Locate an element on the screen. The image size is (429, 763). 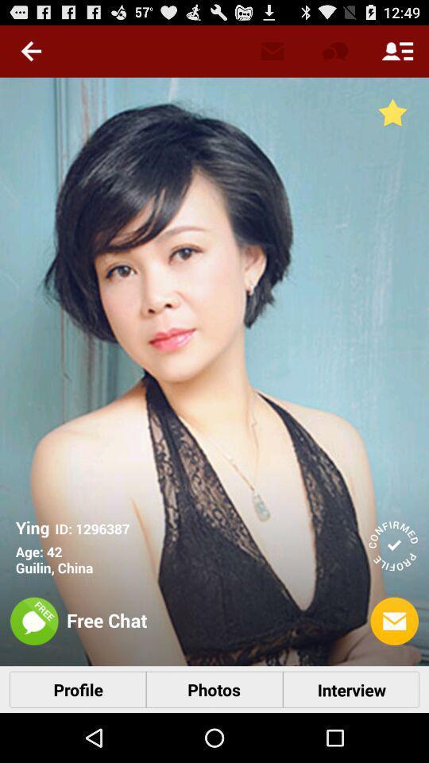
the chat icon at the top of the page is located at coordinates (334, 51).